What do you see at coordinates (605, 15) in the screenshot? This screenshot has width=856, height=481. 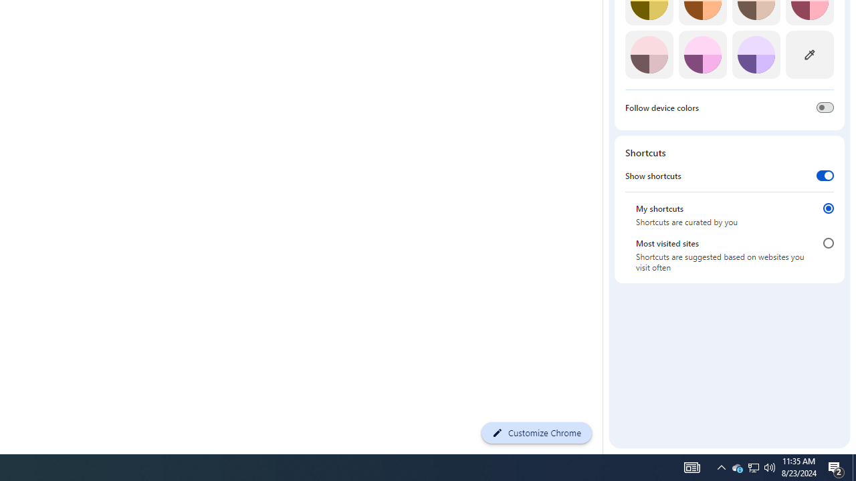 I see `'Side Panel Resize Handle'` at bounding box center [605, 15].